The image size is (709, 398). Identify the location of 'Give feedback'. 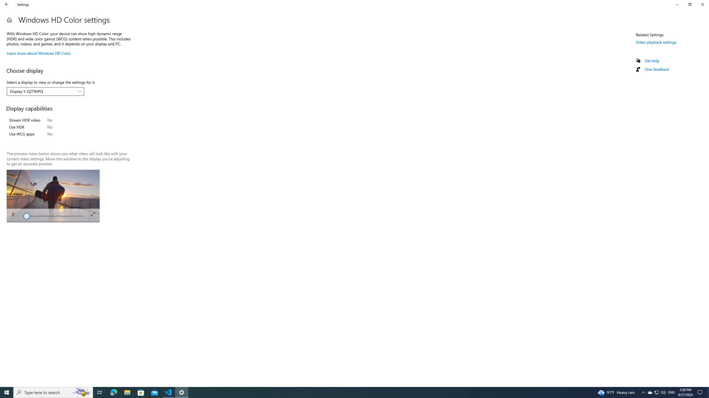
(656, 69).